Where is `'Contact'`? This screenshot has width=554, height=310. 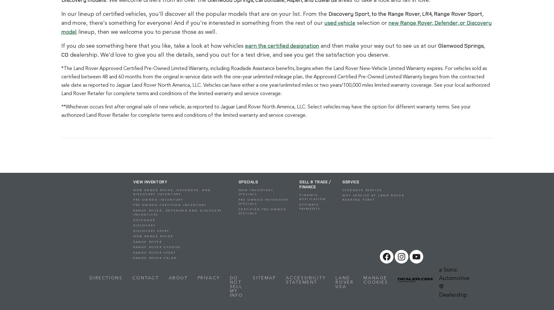
'Contact' is located at coordinates (145, 277).